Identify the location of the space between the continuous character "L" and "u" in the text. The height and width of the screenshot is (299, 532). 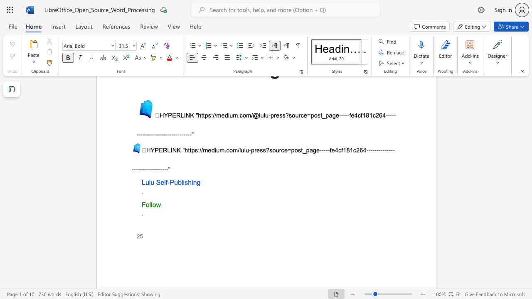
(145, 182).